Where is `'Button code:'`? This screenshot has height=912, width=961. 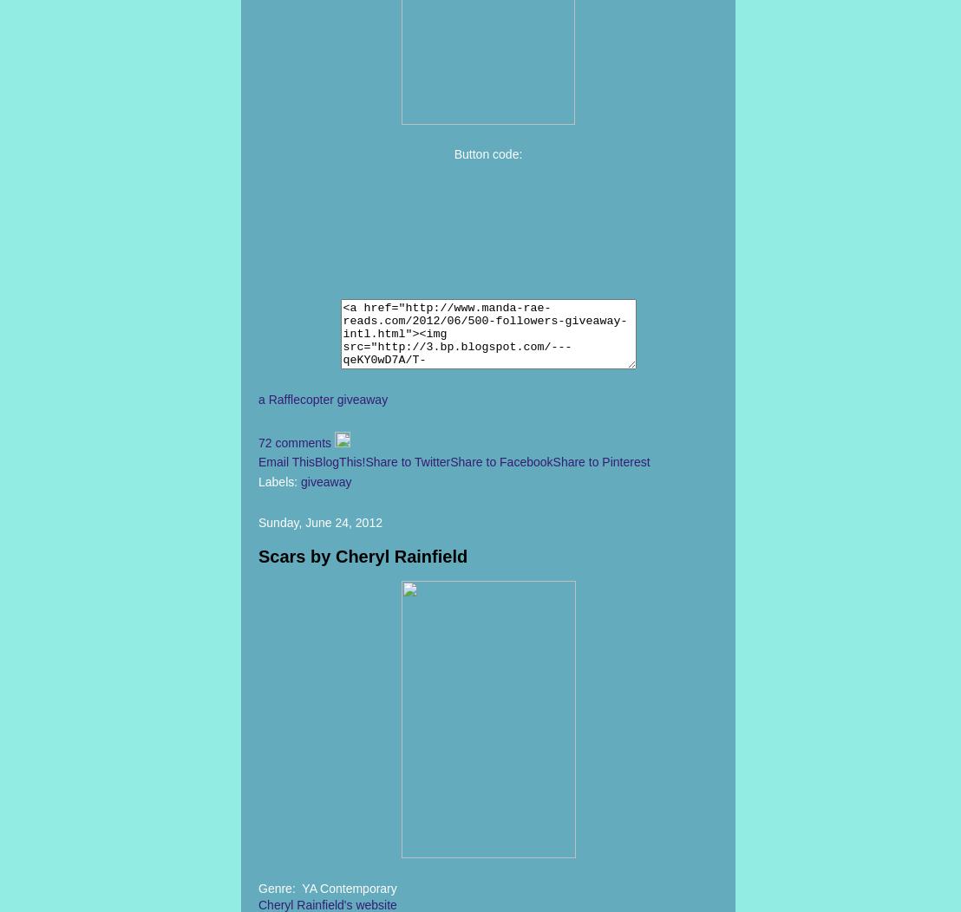 'Button code:' is located at coordinates (487, 153).